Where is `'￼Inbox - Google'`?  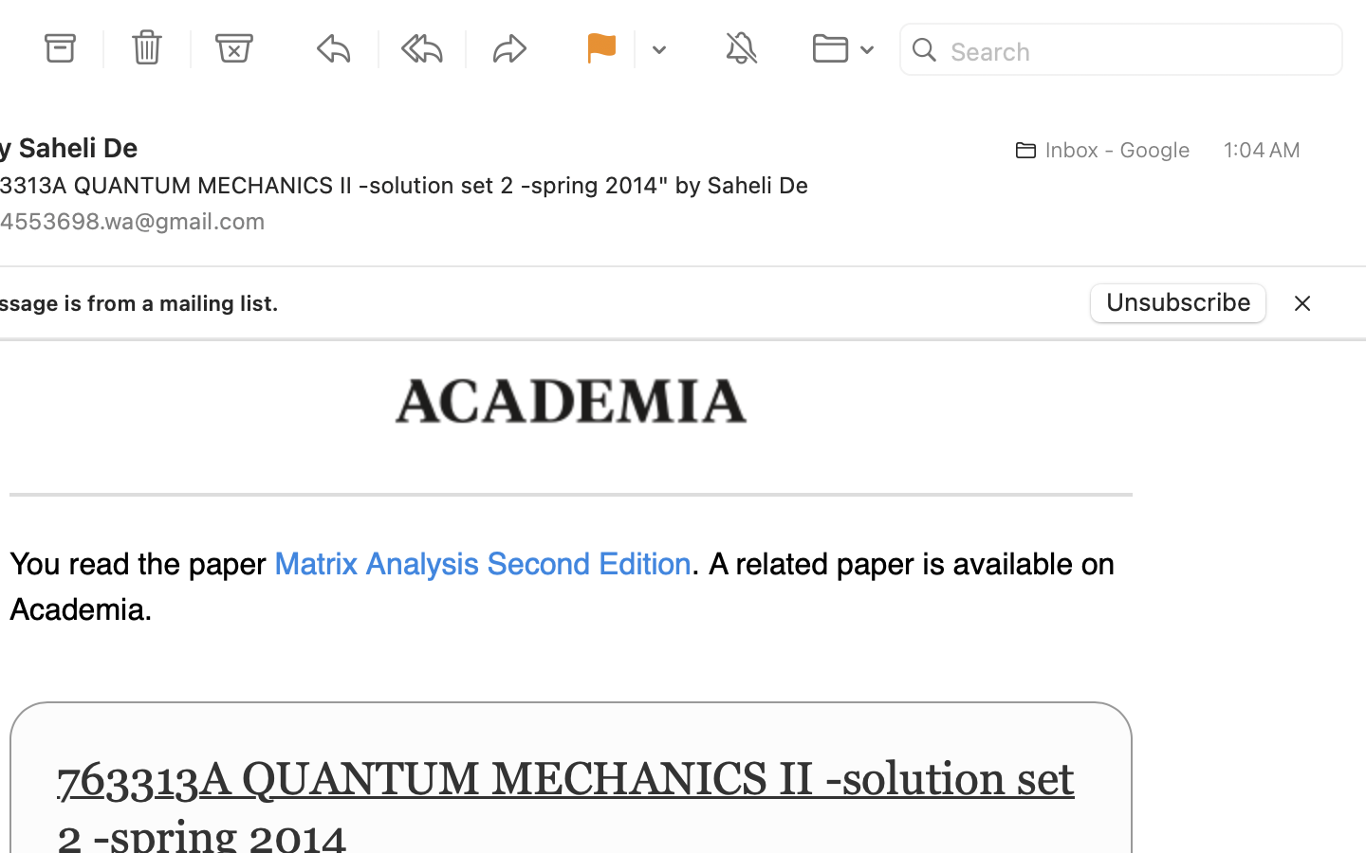
'￼Inbox - Google' is located at coordinates (1097, 150).